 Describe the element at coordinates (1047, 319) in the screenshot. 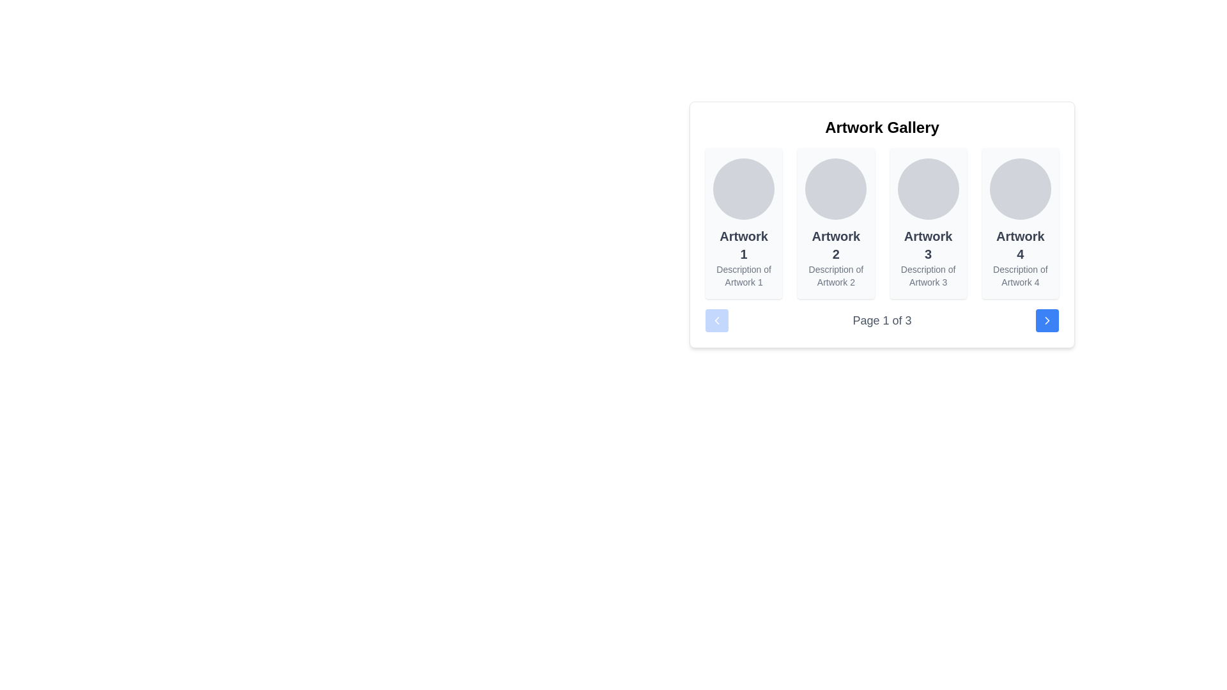

I see `the blue button with rounded corners containing a right-pointing chevron icon` at that location.